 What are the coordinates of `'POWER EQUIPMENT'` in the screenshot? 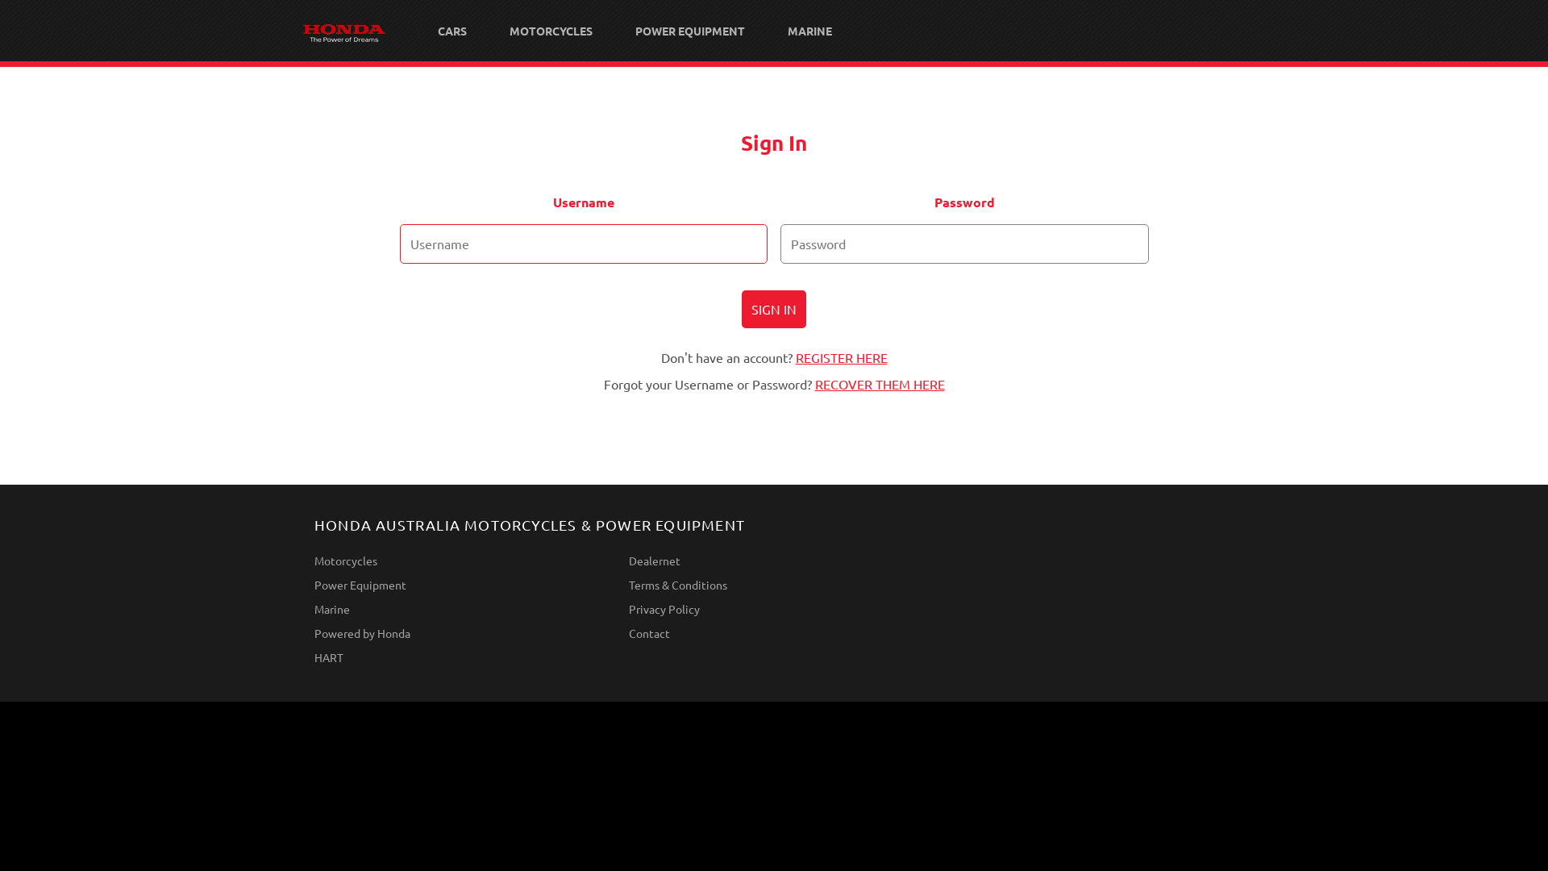 It's located at (614, 31).